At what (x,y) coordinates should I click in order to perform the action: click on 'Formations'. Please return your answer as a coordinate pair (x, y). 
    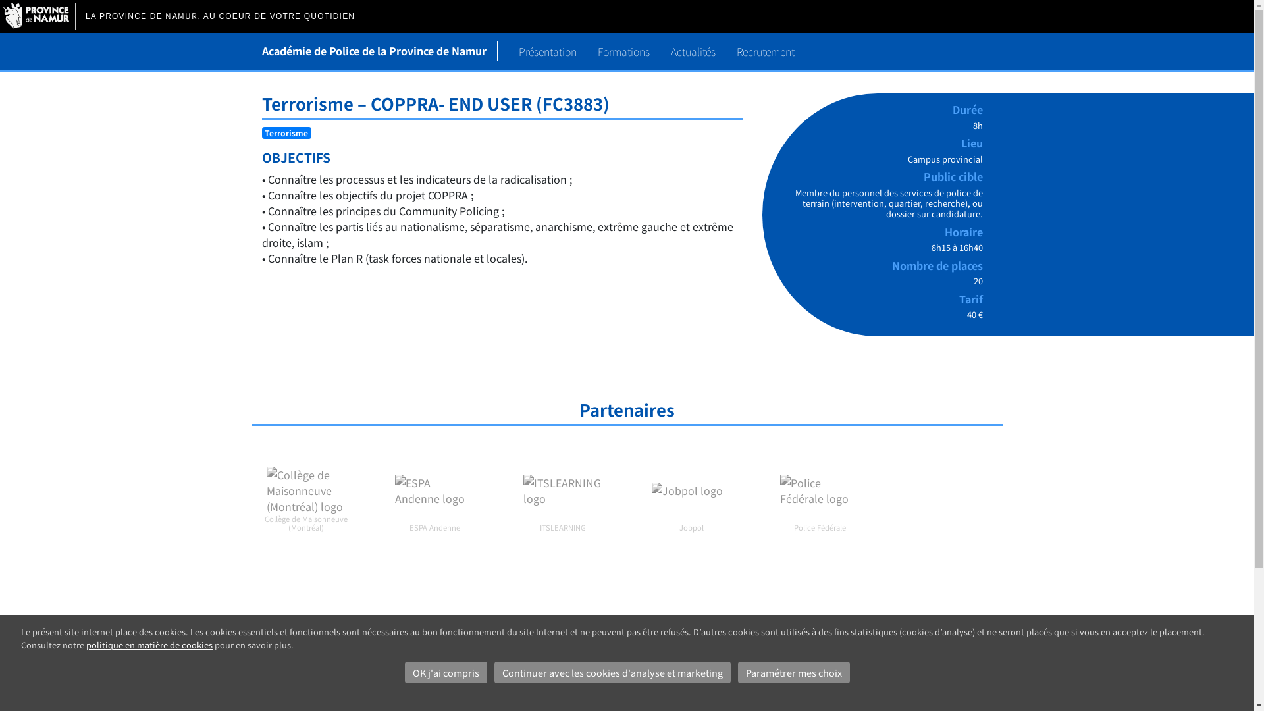
    Looking at the image, I should click on (623, 50).